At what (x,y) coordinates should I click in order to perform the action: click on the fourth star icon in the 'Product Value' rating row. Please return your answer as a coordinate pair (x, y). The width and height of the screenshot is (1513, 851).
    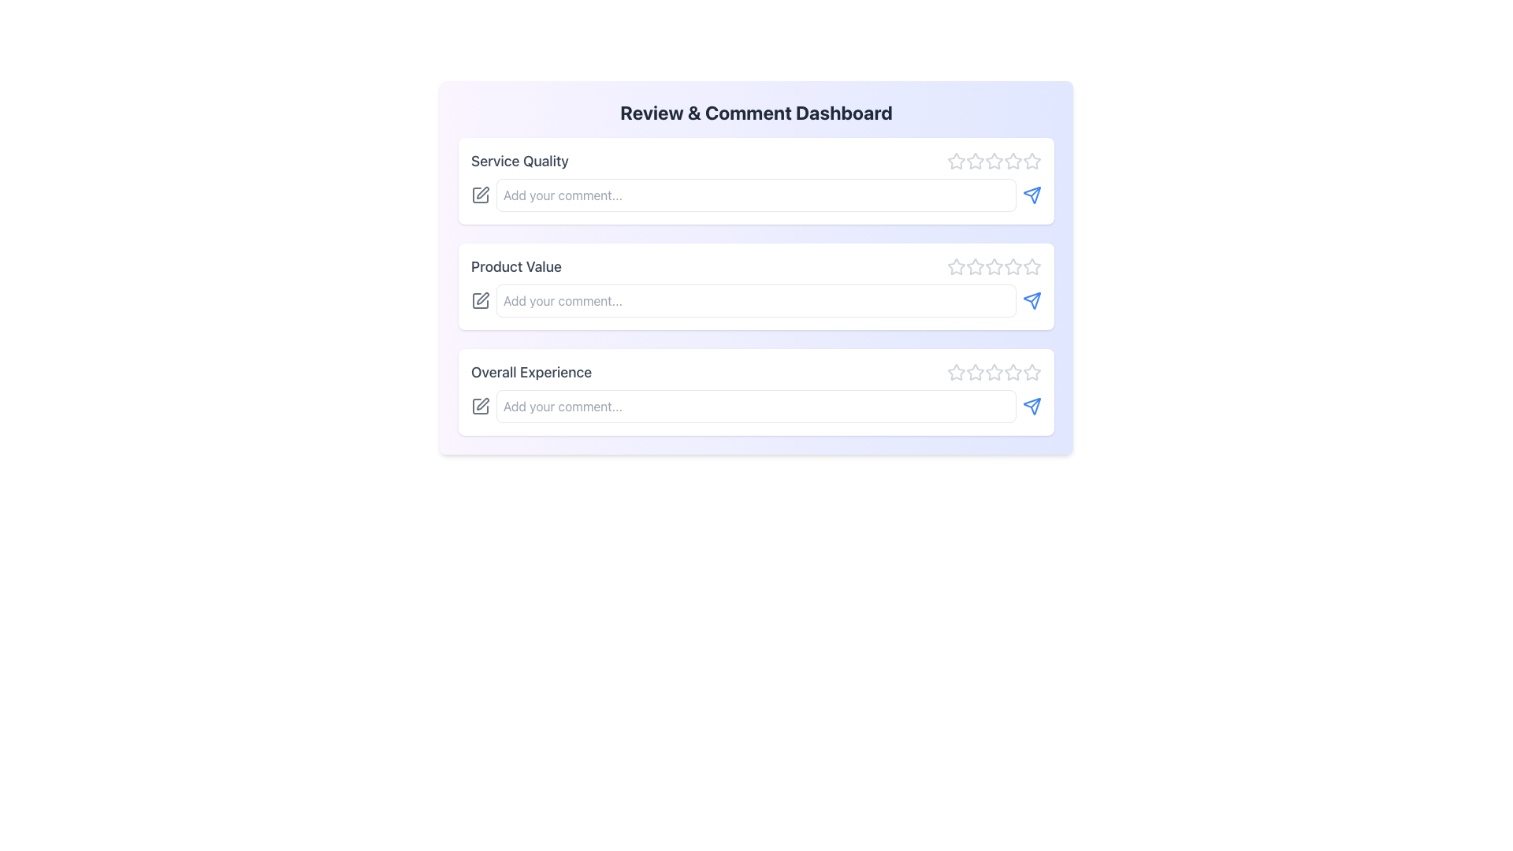
    Looking at the image, I should click on (994, 266).